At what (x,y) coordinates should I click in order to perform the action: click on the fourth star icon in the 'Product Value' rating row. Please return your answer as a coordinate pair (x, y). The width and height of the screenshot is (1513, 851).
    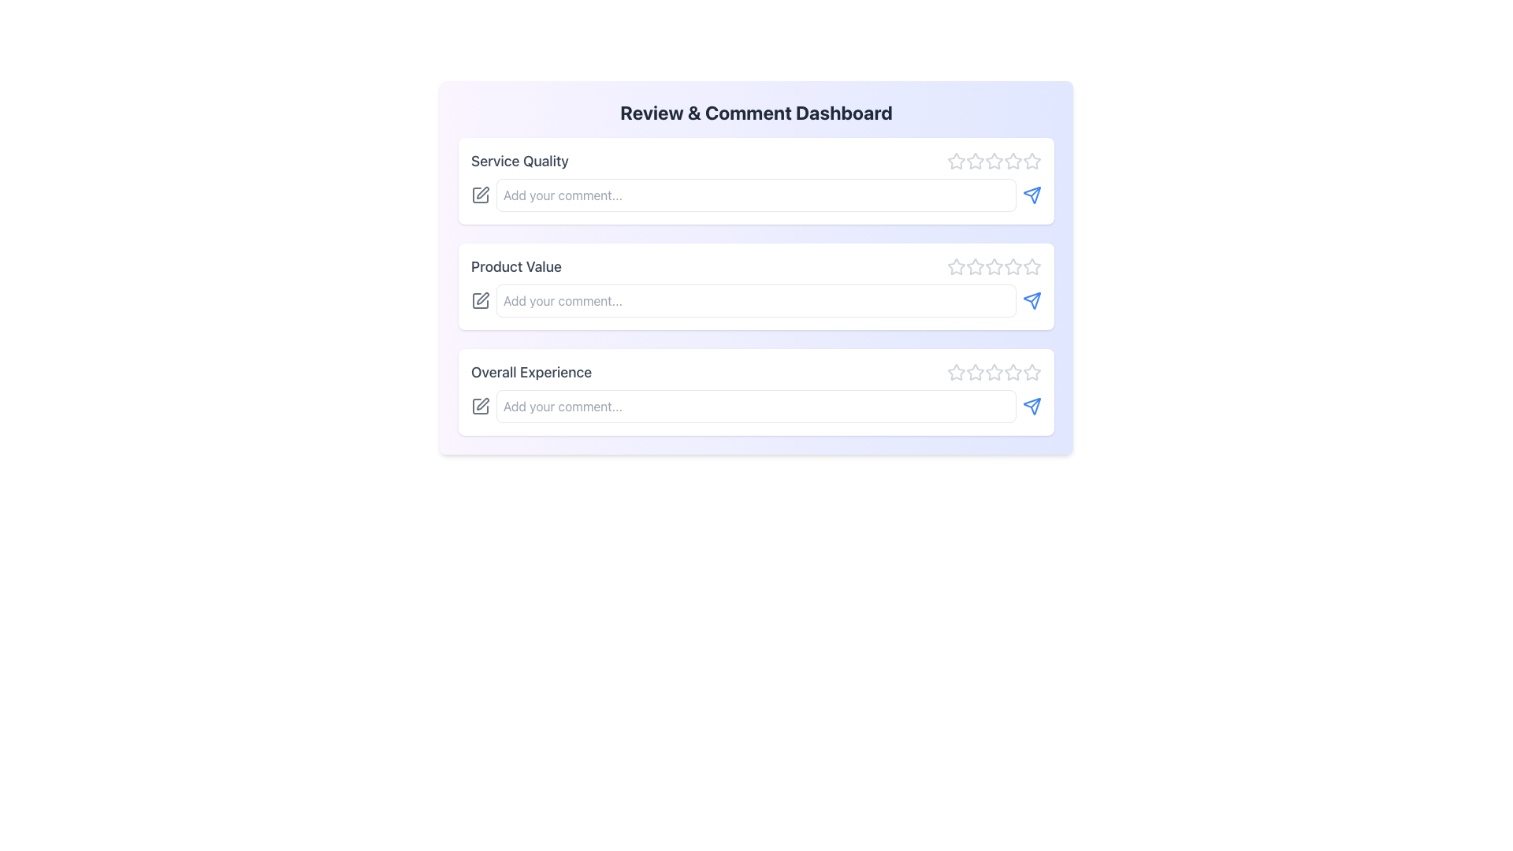
    Looking at the image, I should click on (994, 266).